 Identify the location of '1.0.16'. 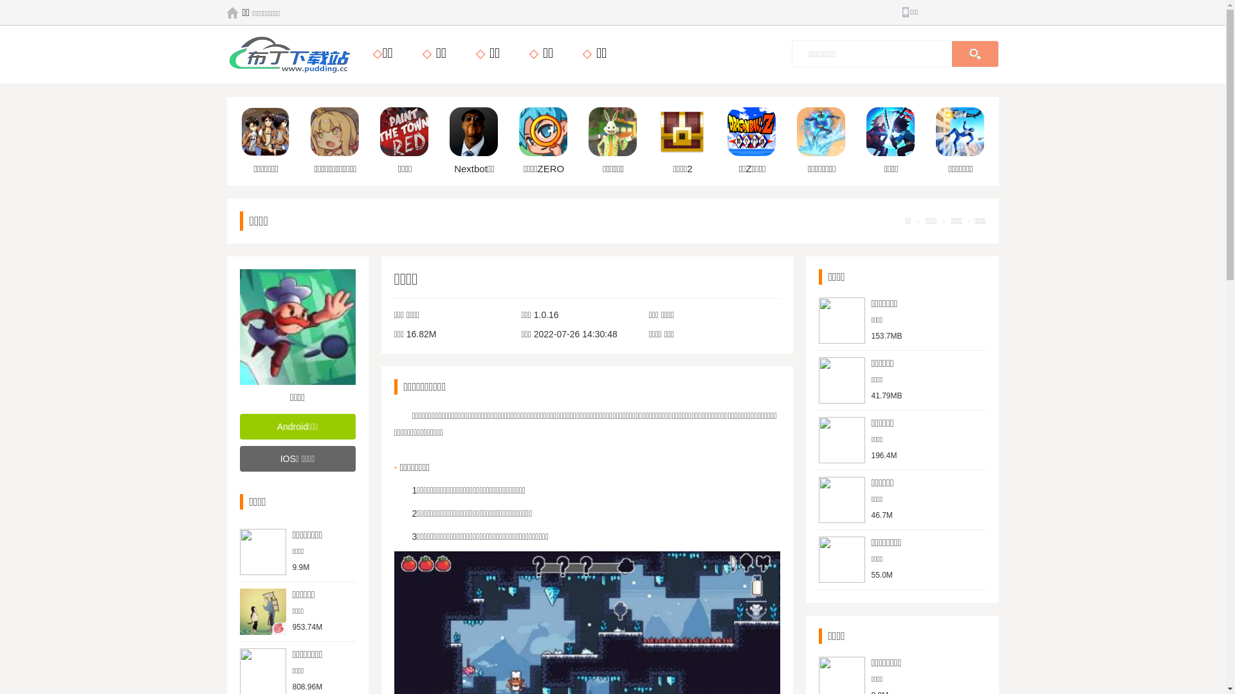
(534, 314).